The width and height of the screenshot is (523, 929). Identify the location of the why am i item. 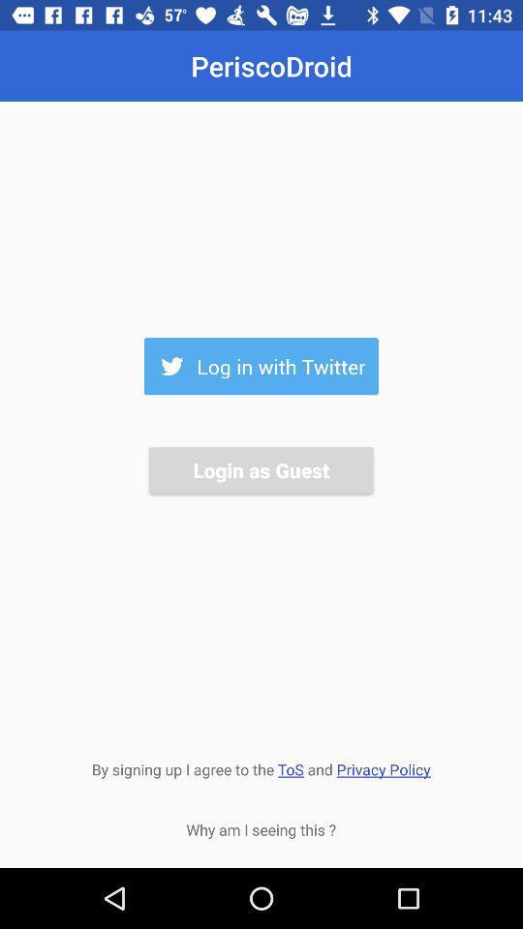
(261, 828).